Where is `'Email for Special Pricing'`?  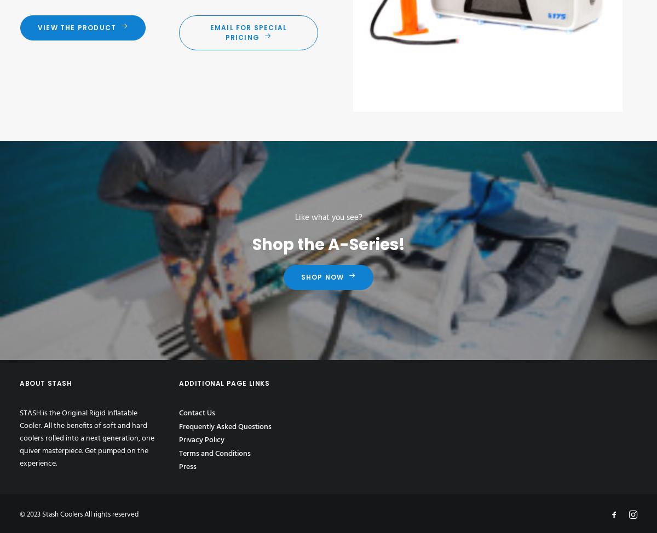 'Email for Special Pricing' is located at coordinates (249, 32).